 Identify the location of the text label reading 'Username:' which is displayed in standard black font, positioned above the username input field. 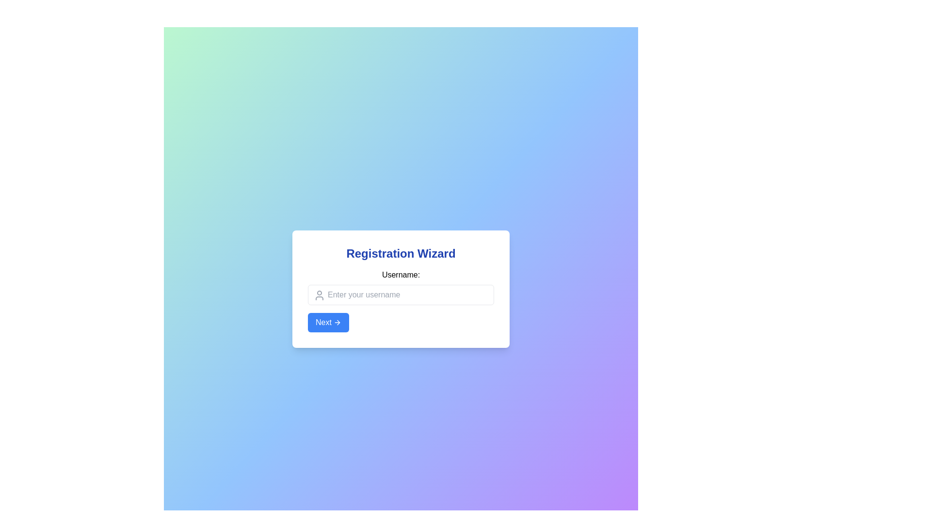
(401, 275).